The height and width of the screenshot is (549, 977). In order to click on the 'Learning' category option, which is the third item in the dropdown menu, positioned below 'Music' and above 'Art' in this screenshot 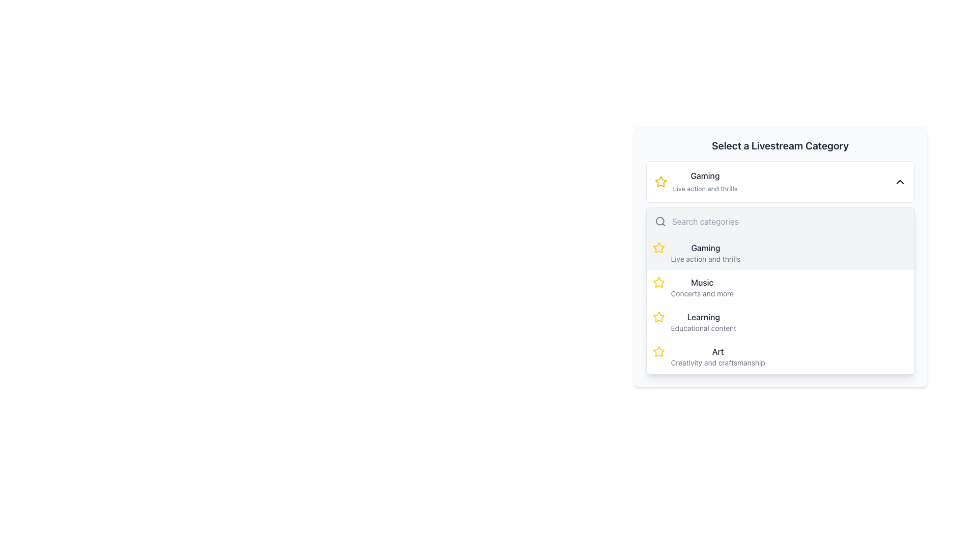, I will do `click(780, 322)`.